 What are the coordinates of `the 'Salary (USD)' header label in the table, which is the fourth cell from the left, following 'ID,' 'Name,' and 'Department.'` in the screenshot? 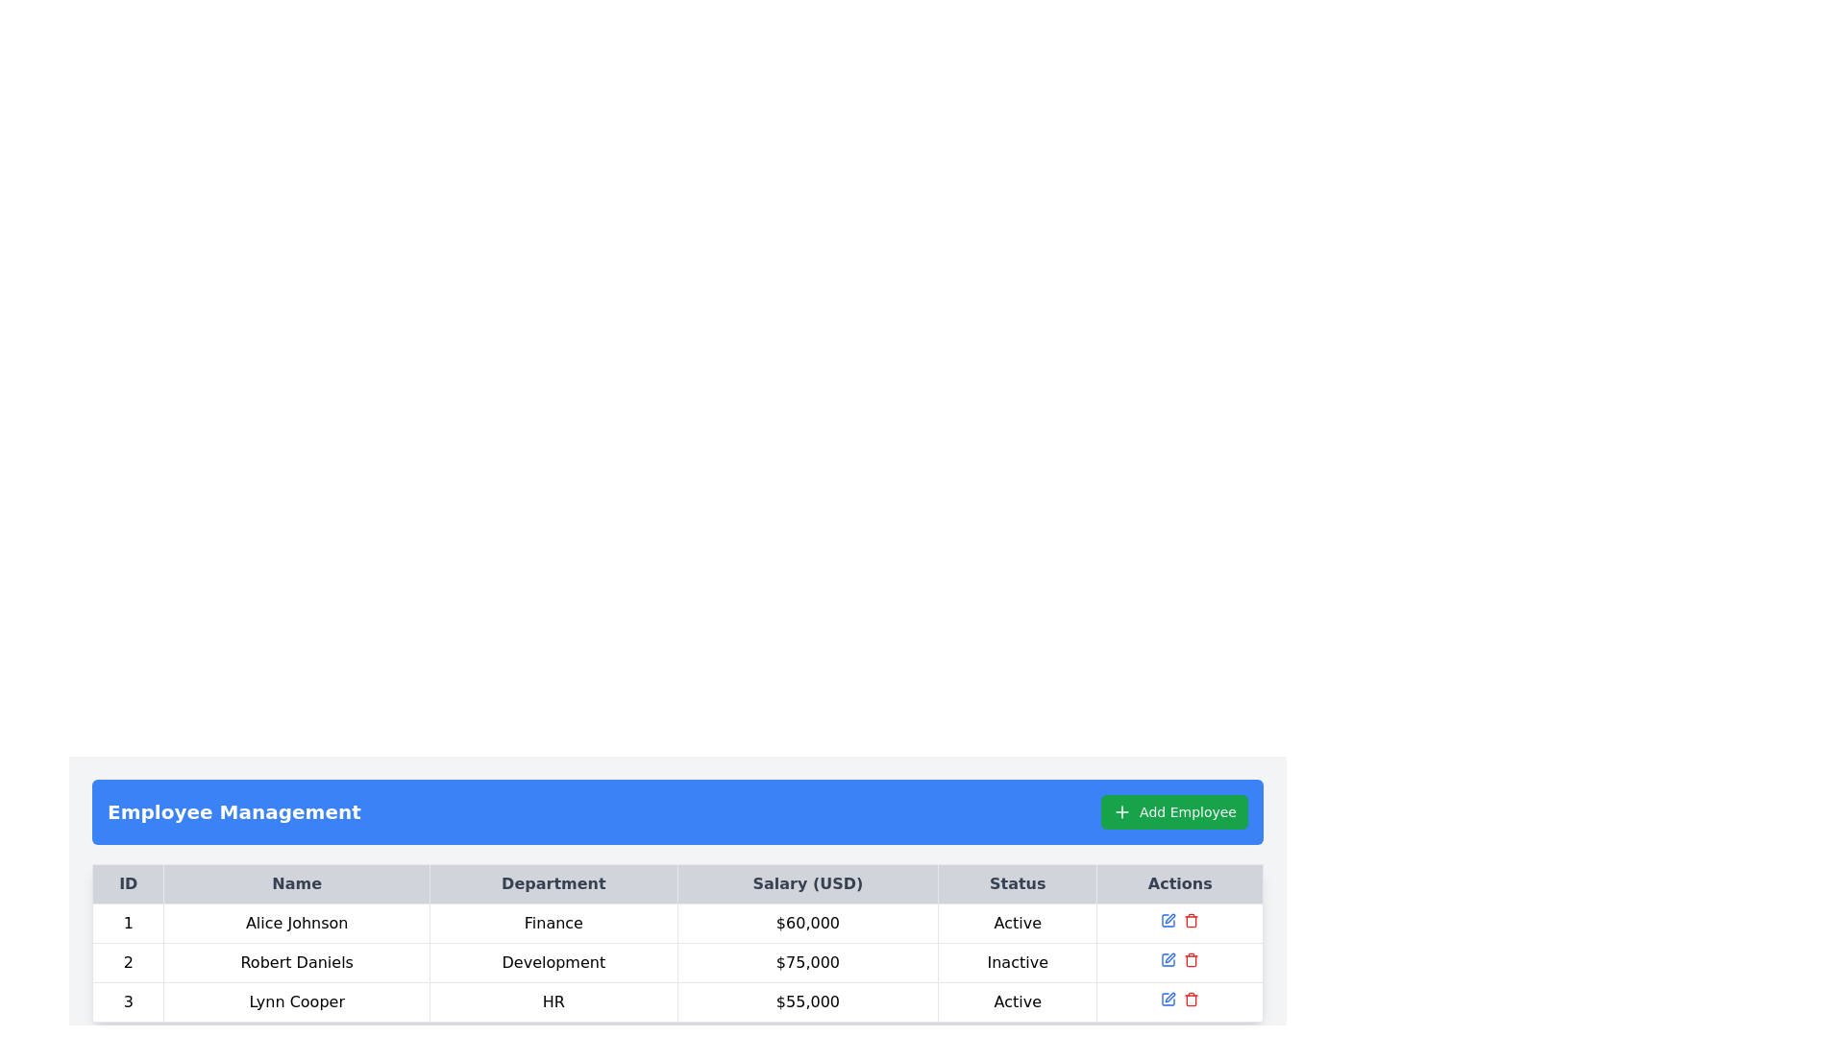 It's located at (807, 884).